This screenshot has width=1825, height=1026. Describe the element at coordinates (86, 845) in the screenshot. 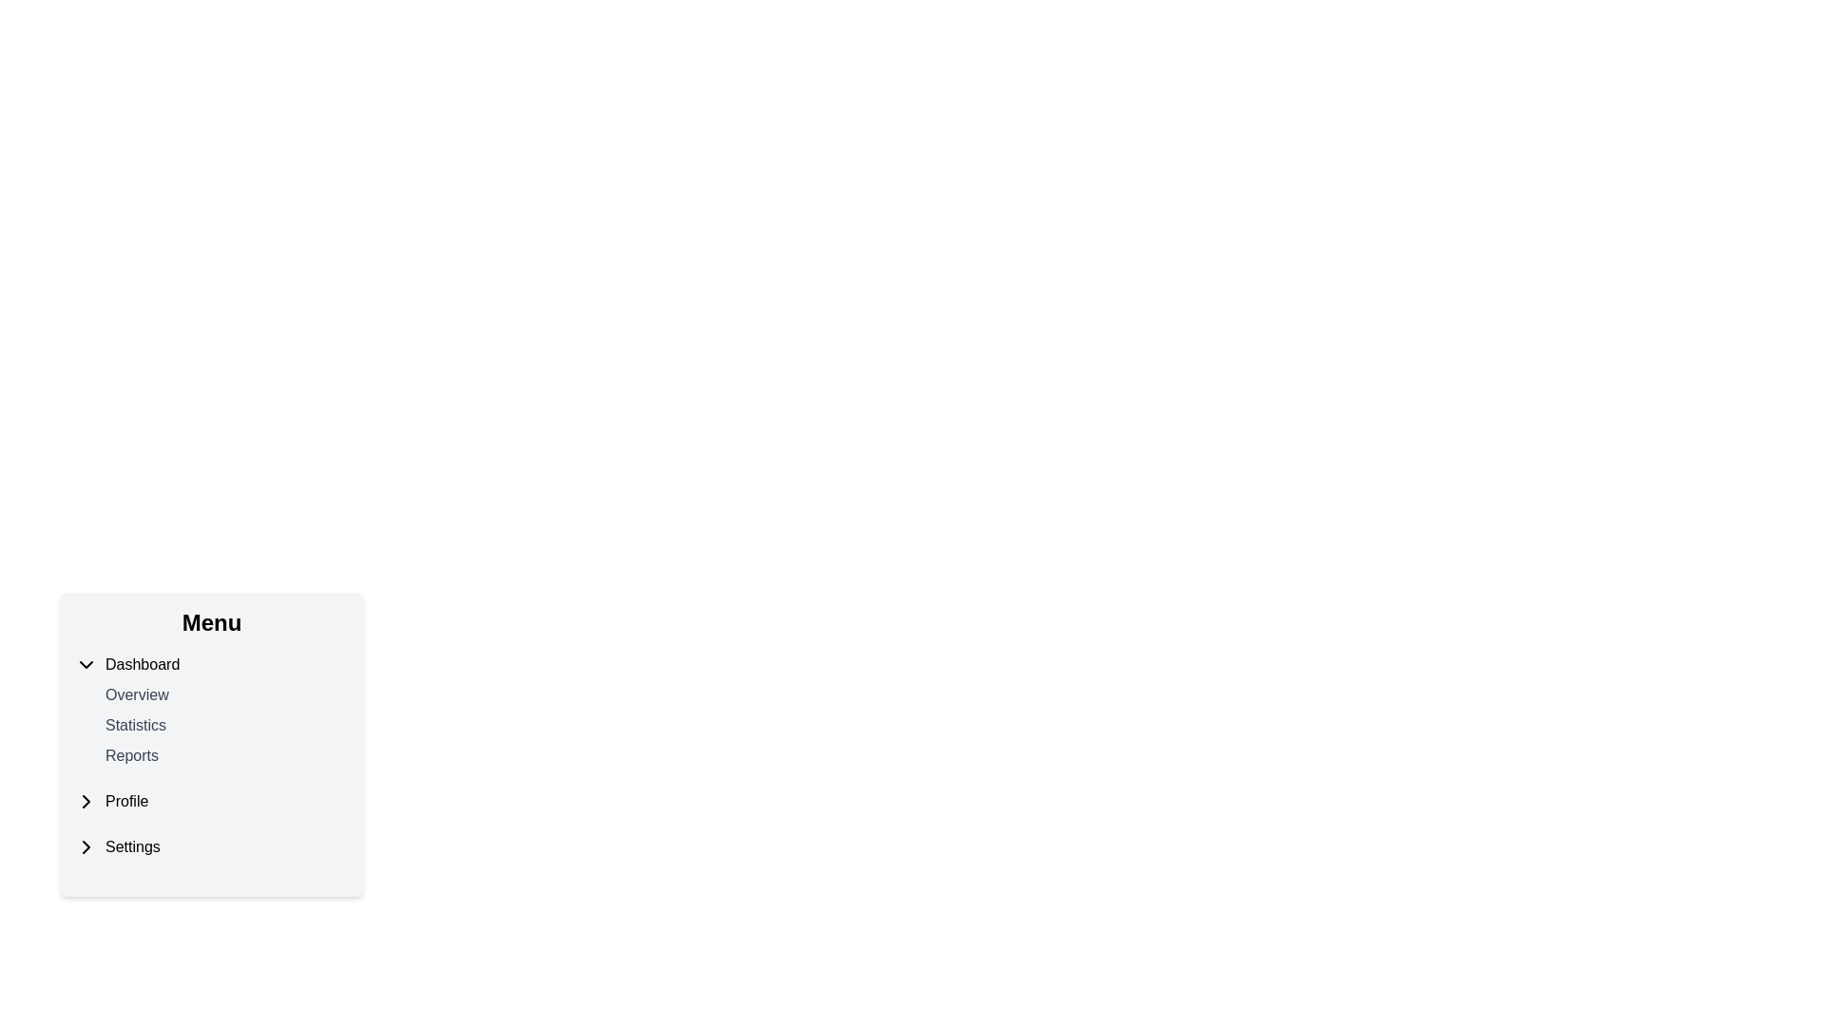

I see `the rightward-facing chevron icon next to the 'Settings' label in the vertical menu` at that location.